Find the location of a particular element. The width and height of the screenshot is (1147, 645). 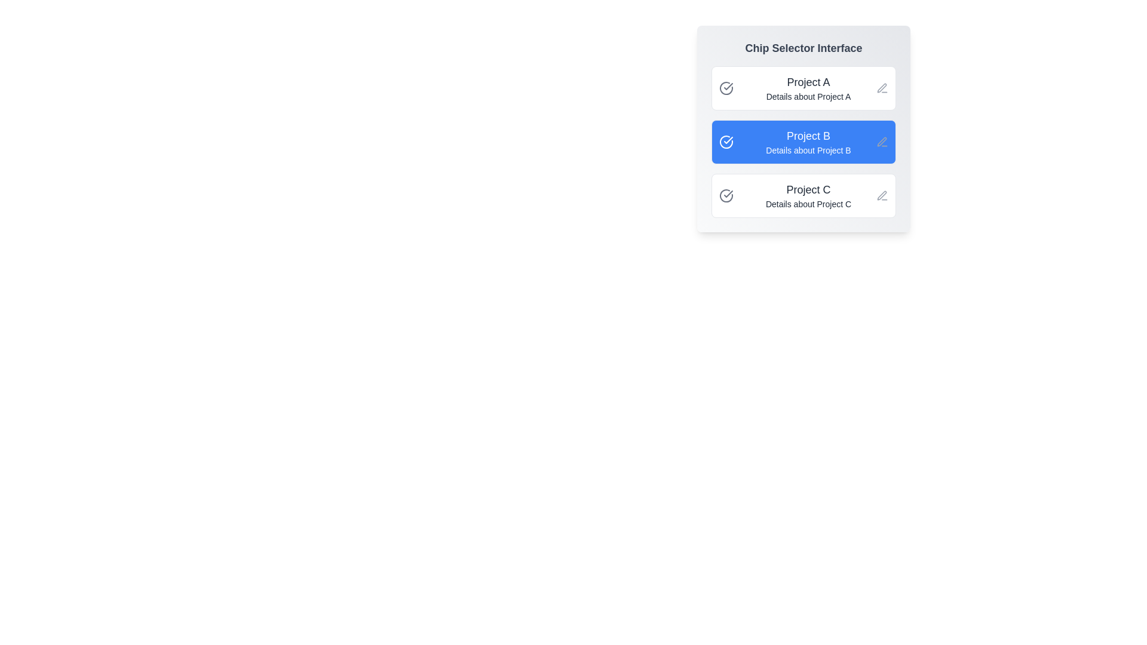

the chip corresponding to Project A to toggle its active state is located at coordinates (803, 87).